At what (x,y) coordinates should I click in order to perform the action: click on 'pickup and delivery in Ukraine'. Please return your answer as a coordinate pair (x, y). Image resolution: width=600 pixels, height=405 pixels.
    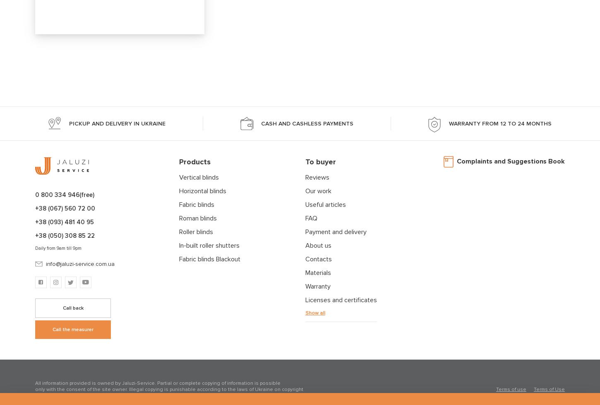
    Looking at the image, I should click on (117, 123).